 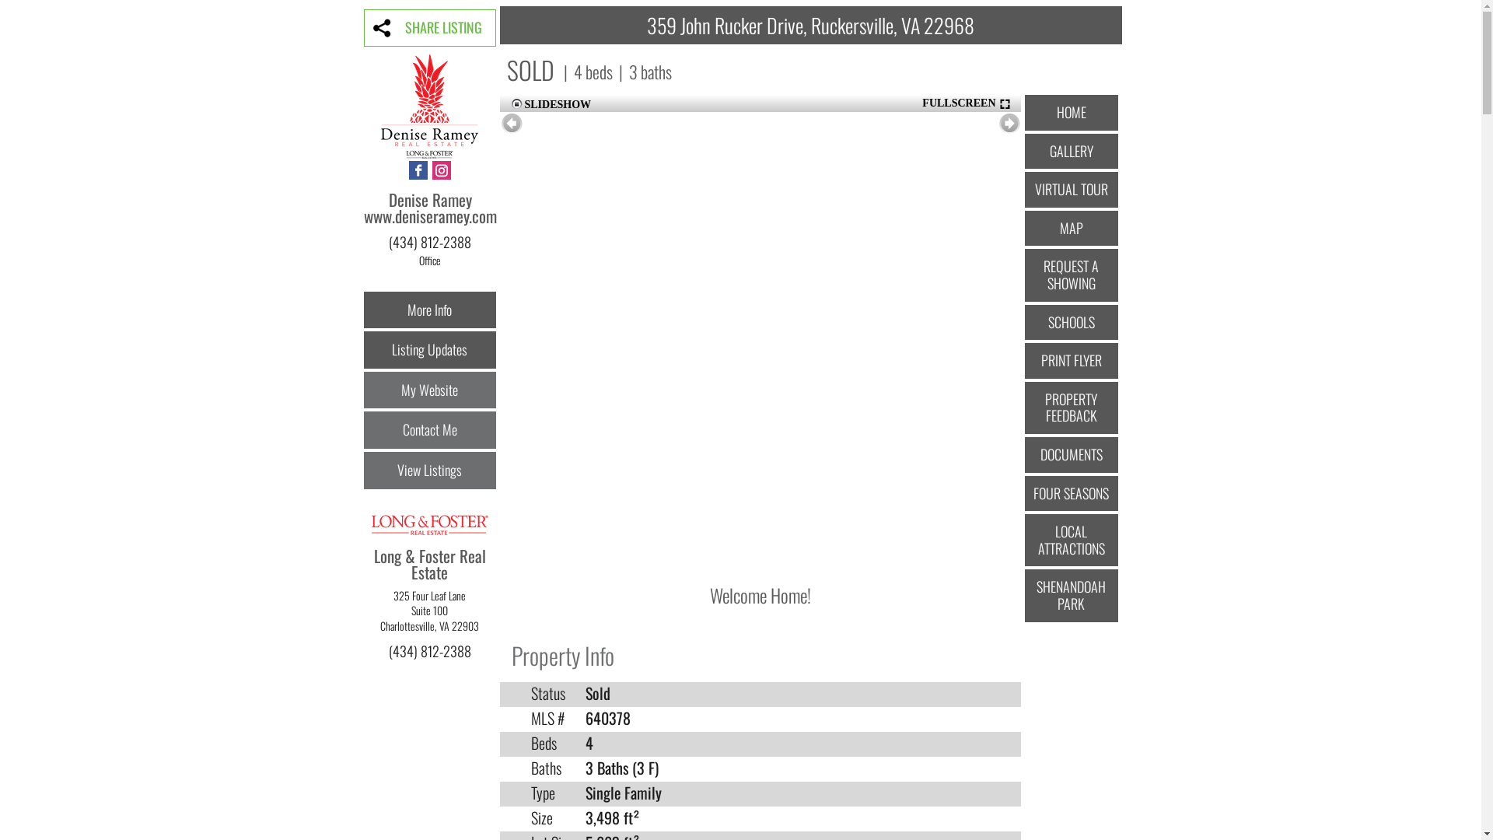 I want to click on 'Contact Me', so click(x=429, y=429).